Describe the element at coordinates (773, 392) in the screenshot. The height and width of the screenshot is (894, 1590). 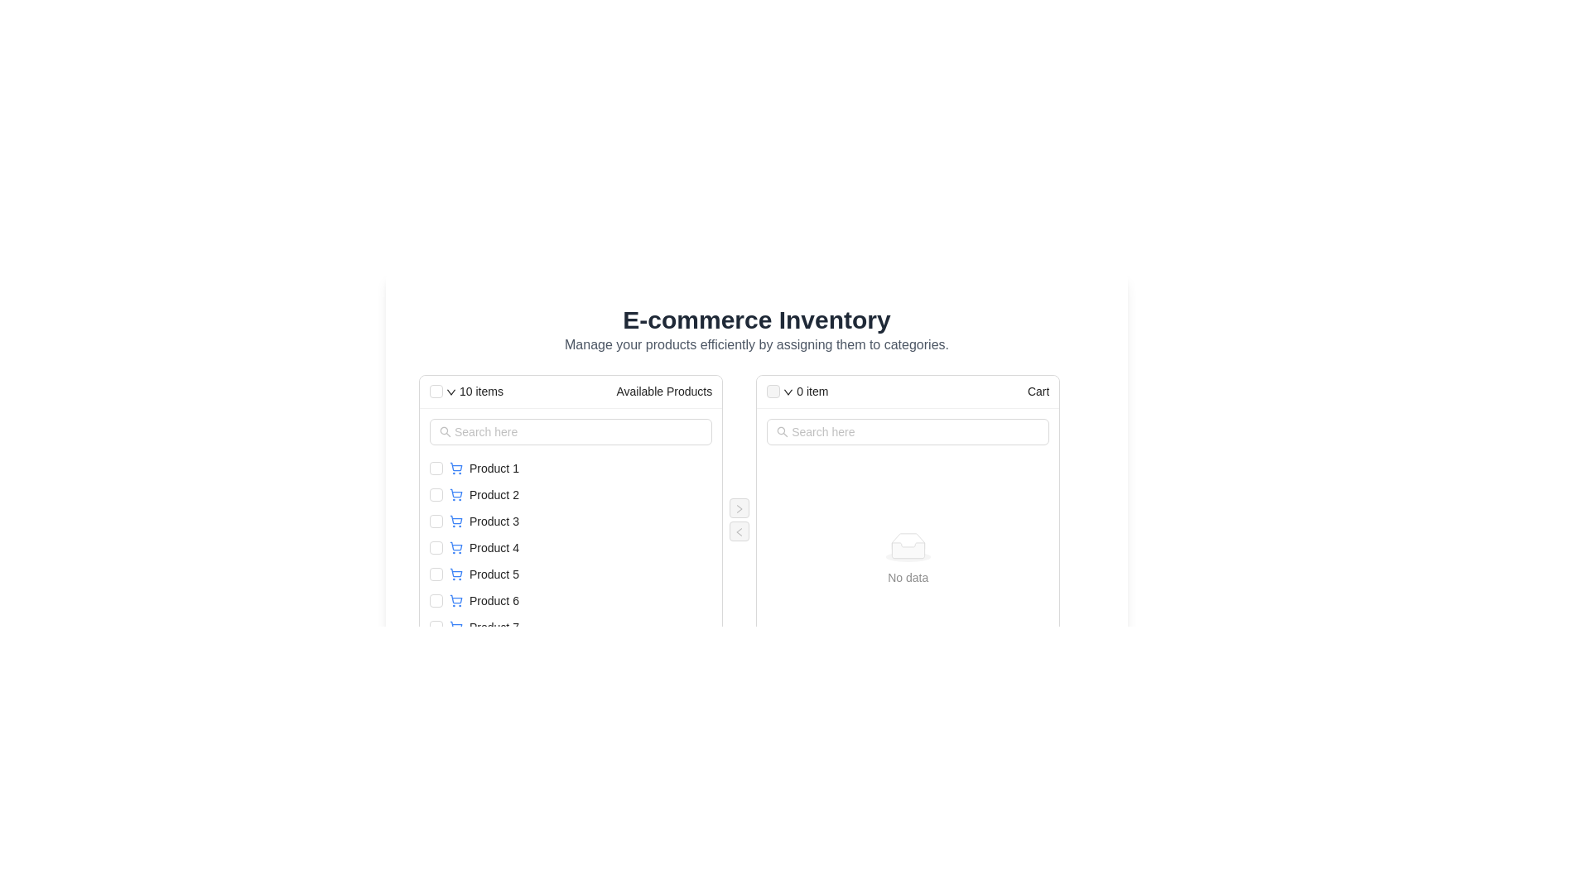
I see `the disabled checkbox located in the header area of the 'Cart' section in the 'E-commerce Inventory' interface, which is the first interactive component aligned with the '0 item' text` at that location.